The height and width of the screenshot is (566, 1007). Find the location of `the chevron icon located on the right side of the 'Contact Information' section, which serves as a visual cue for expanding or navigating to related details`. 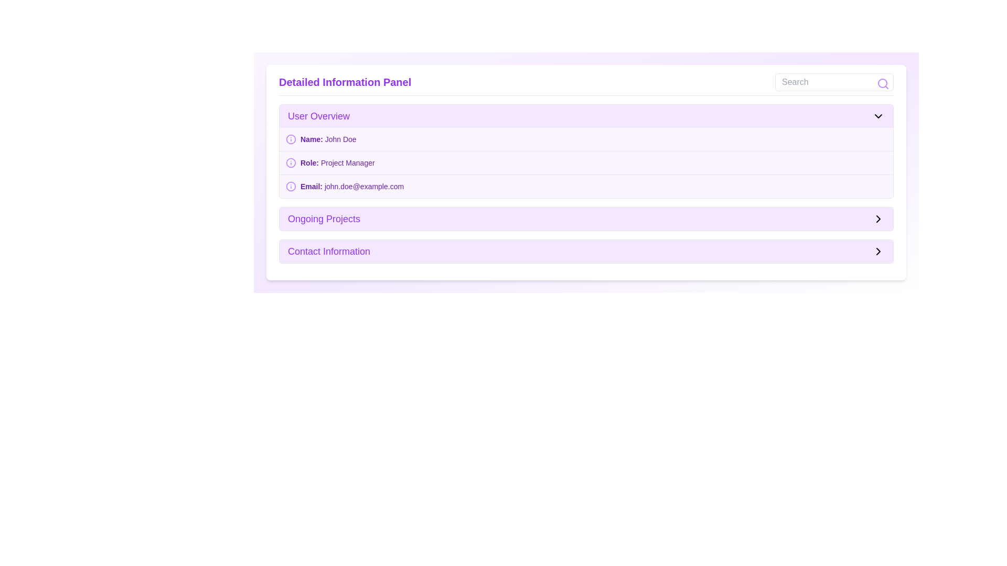

the chevron icon located on the right side of the 'Contact Information' section, which serves as a visual cue for expanding or navigating to related details is located at coordinates (879, 251).